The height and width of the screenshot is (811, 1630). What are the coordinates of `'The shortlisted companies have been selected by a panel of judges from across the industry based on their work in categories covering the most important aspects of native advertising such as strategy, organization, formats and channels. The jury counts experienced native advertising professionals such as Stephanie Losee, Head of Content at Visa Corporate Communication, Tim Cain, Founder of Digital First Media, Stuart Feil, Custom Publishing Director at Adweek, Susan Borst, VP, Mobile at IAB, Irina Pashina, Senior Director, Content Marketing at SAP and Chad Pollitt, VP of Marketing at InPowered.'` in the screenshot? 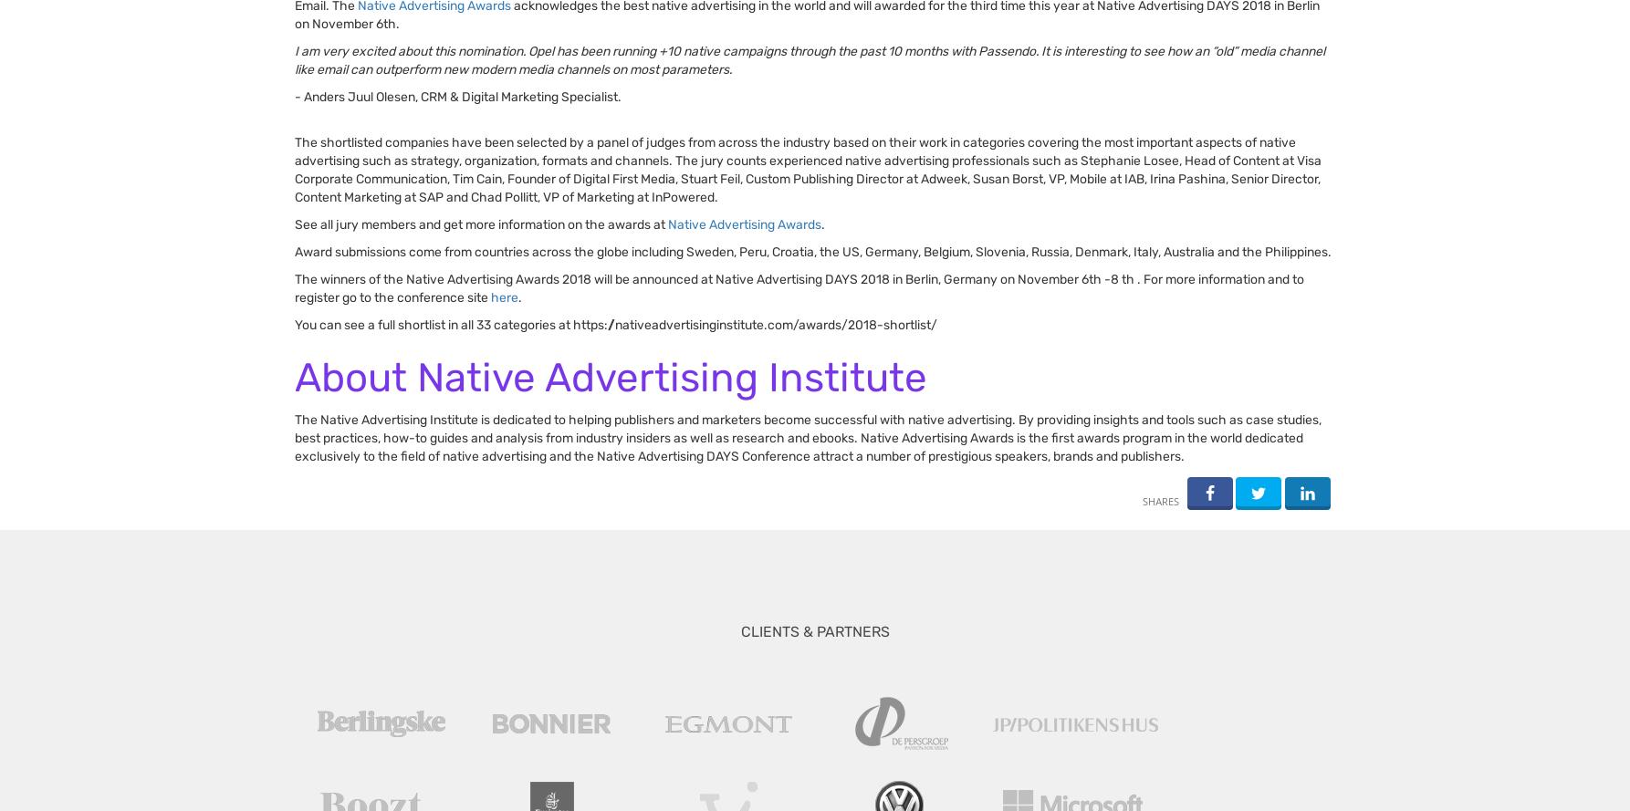 It's located at (807, 170).